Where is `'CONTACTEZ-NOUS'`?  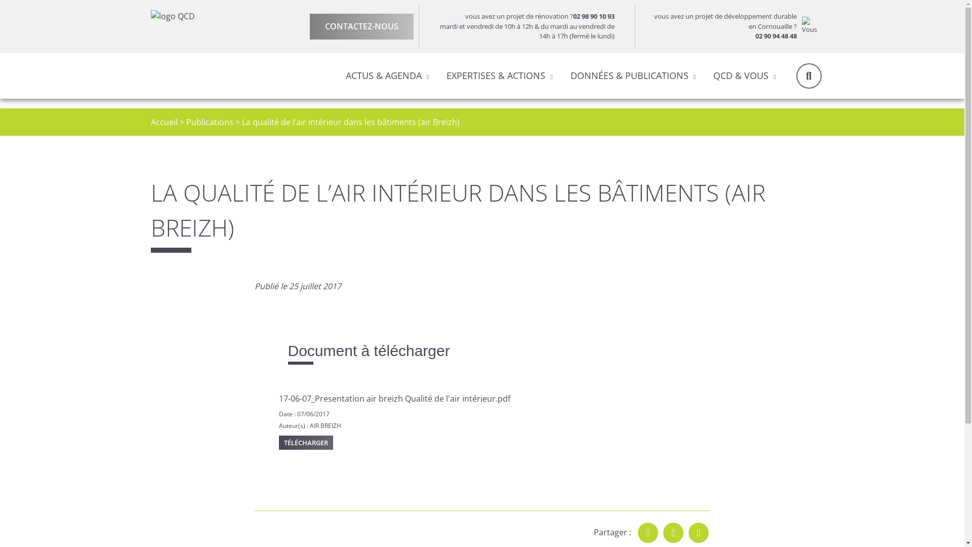
'CONTACTEZ-NOUS' is located at coordinates (361, 26).